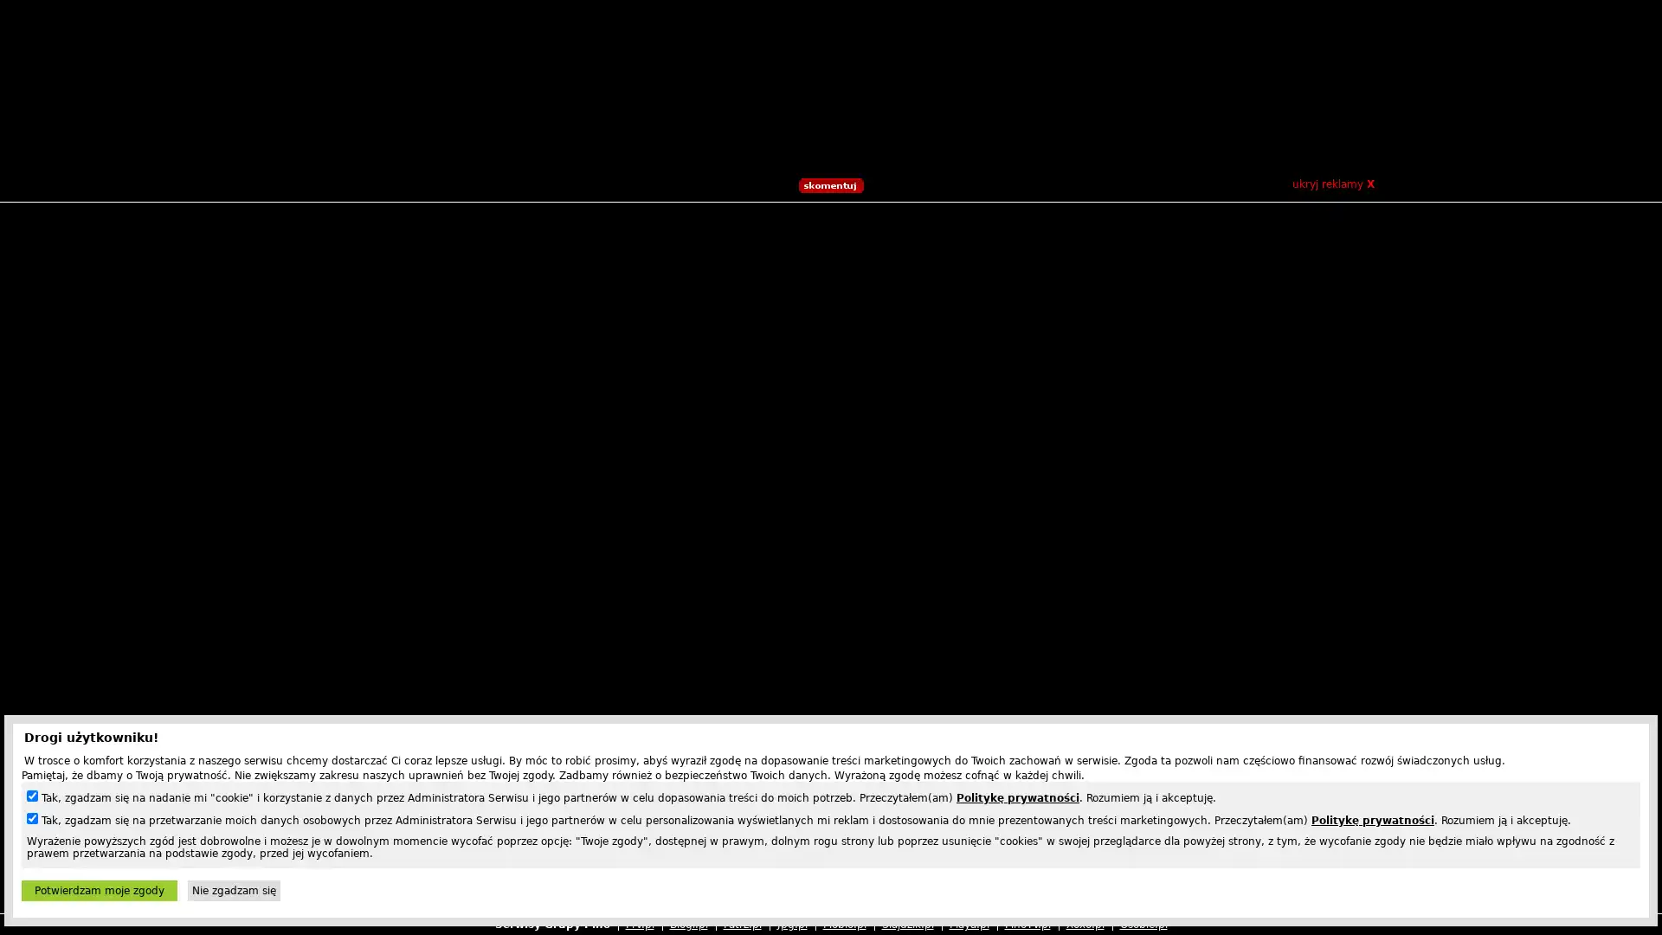 The width and height of the screenshot is (1662, 935). I want to click on Potwierdzam moje zgody, so click(99, 891).